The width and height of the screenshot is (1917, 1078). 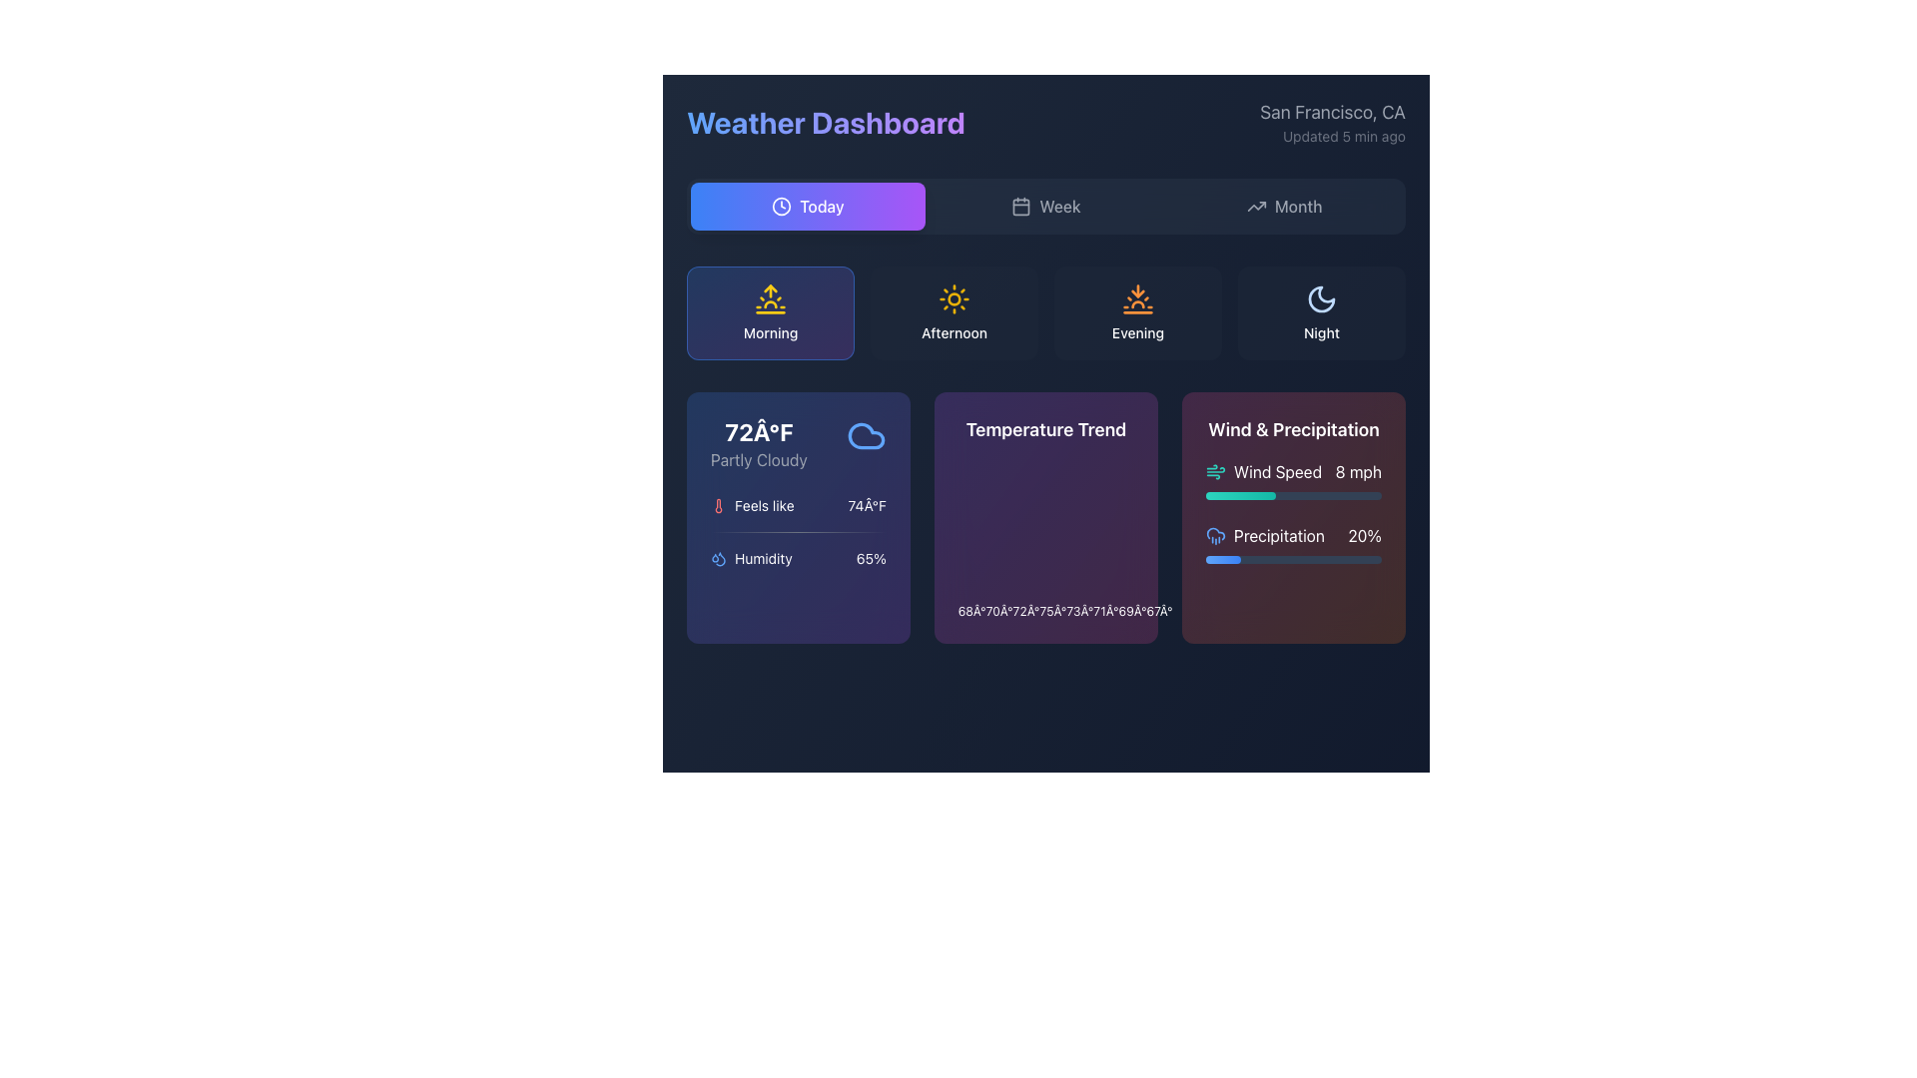 I want to click on the 'Week' button, which is the second button in a horizontal sequence of three buttons located near the top center of the interface, to trigger a hover effect, so click(x=1044, y=207).